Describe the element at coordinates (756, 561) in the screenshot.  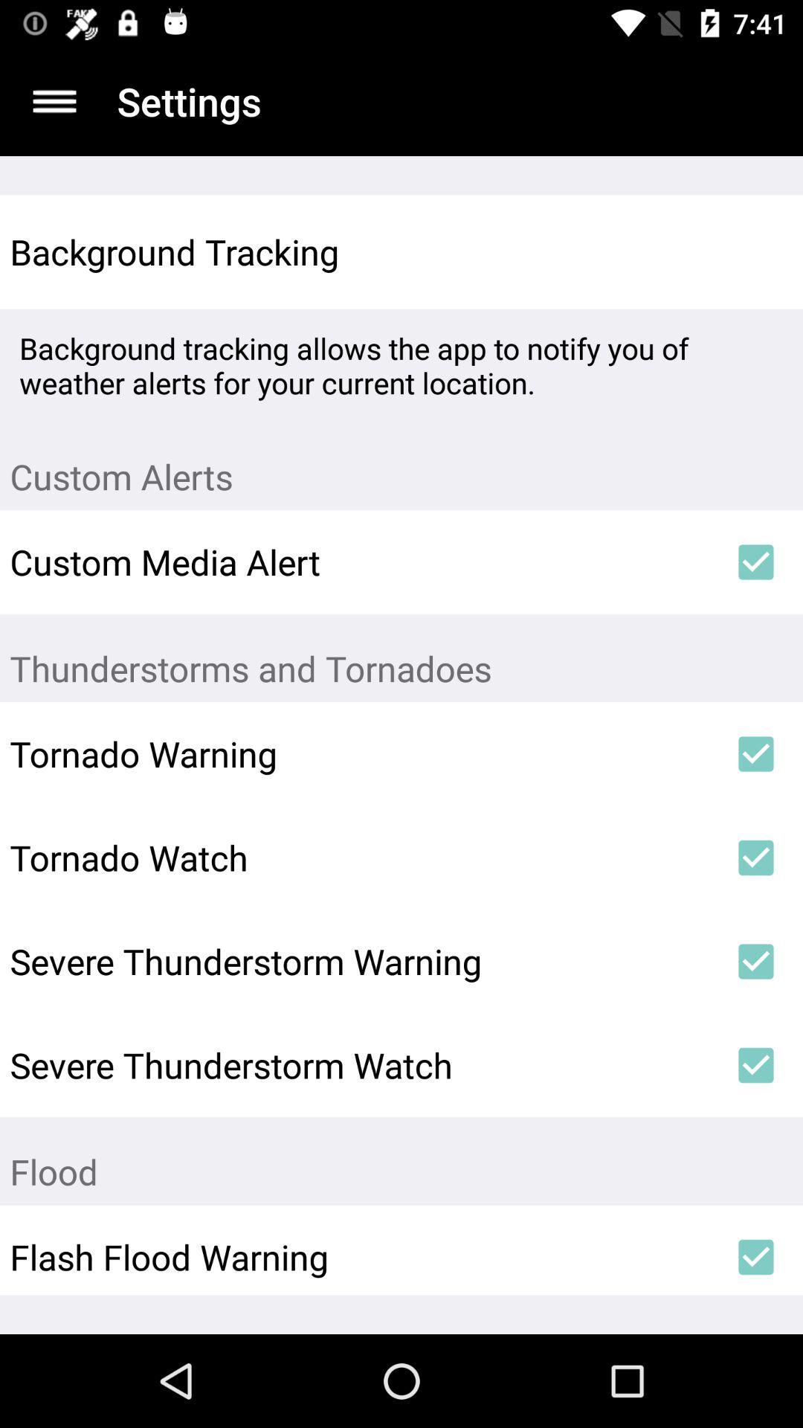
I see `item below the custom alerts` at that location.